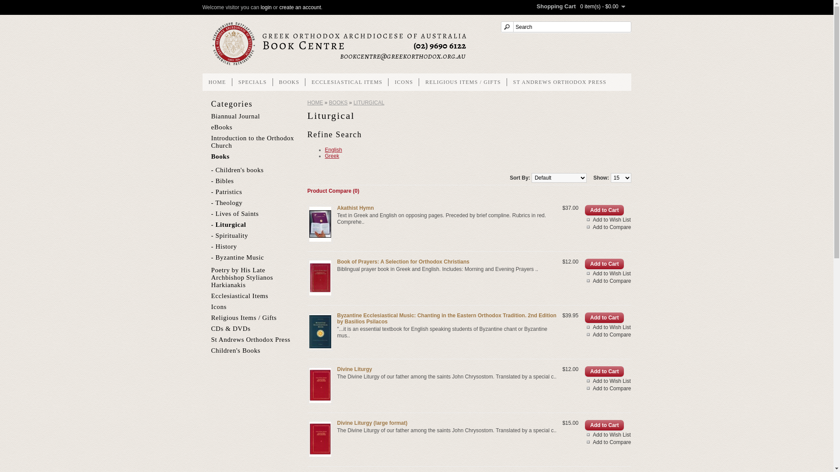 This screenshot has width=840, height=472. What do you see at coordinates (336, 261) in the screenshot?
I see `'Book of Prayers: A Selection for Orthodox Christians'` at bounding box center [336, 261].